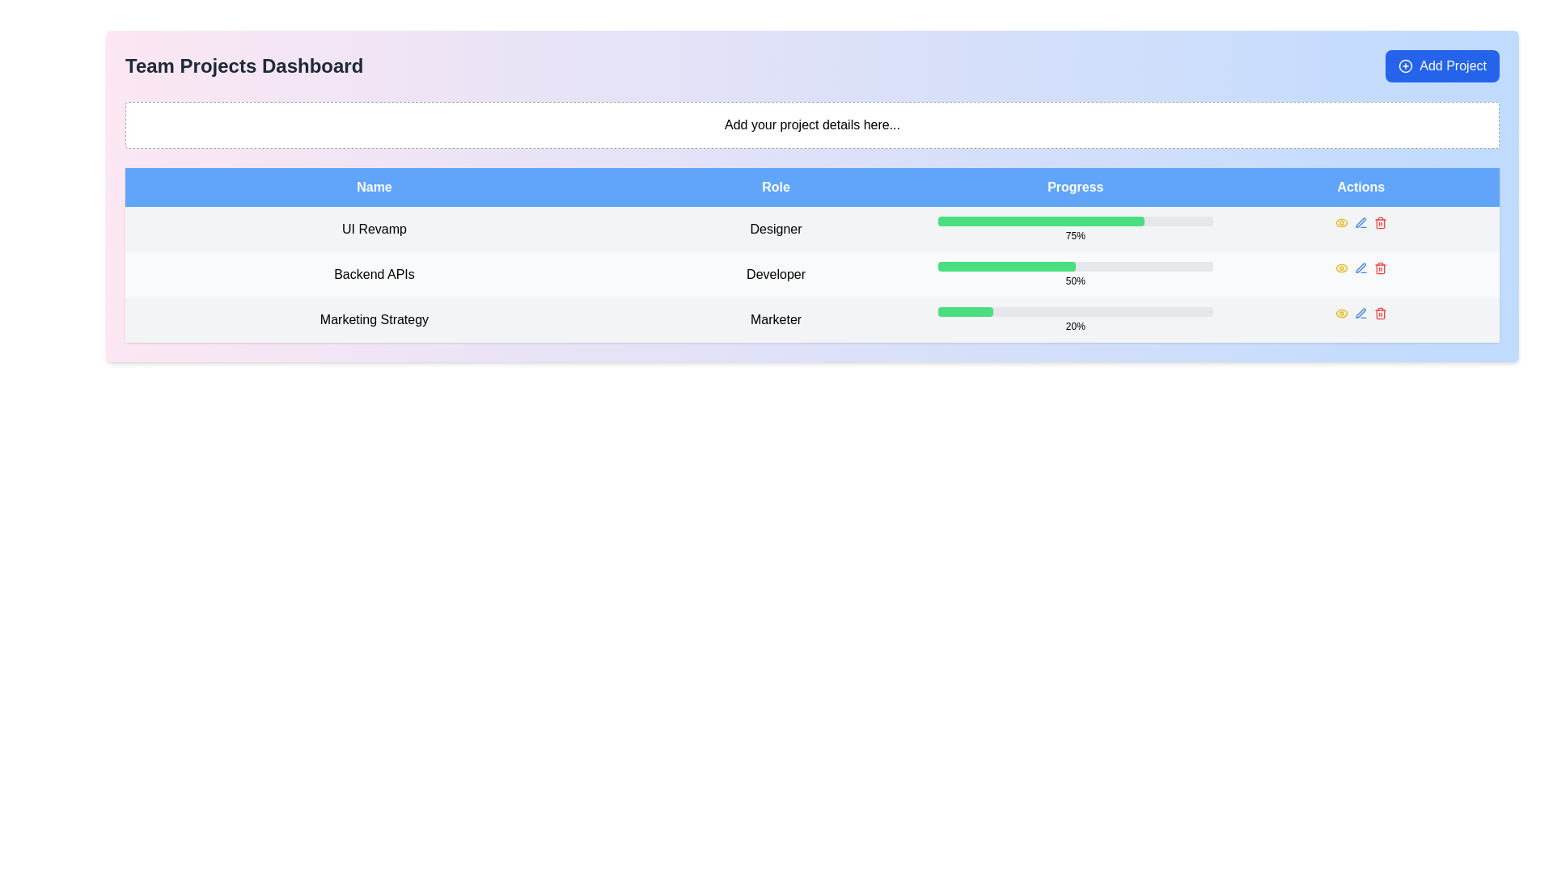  I want to click on the blue pencil icon in the interactive button group located in the 'Actions' column of the 'Marketing Strategy' project row, so click(1360, 314).